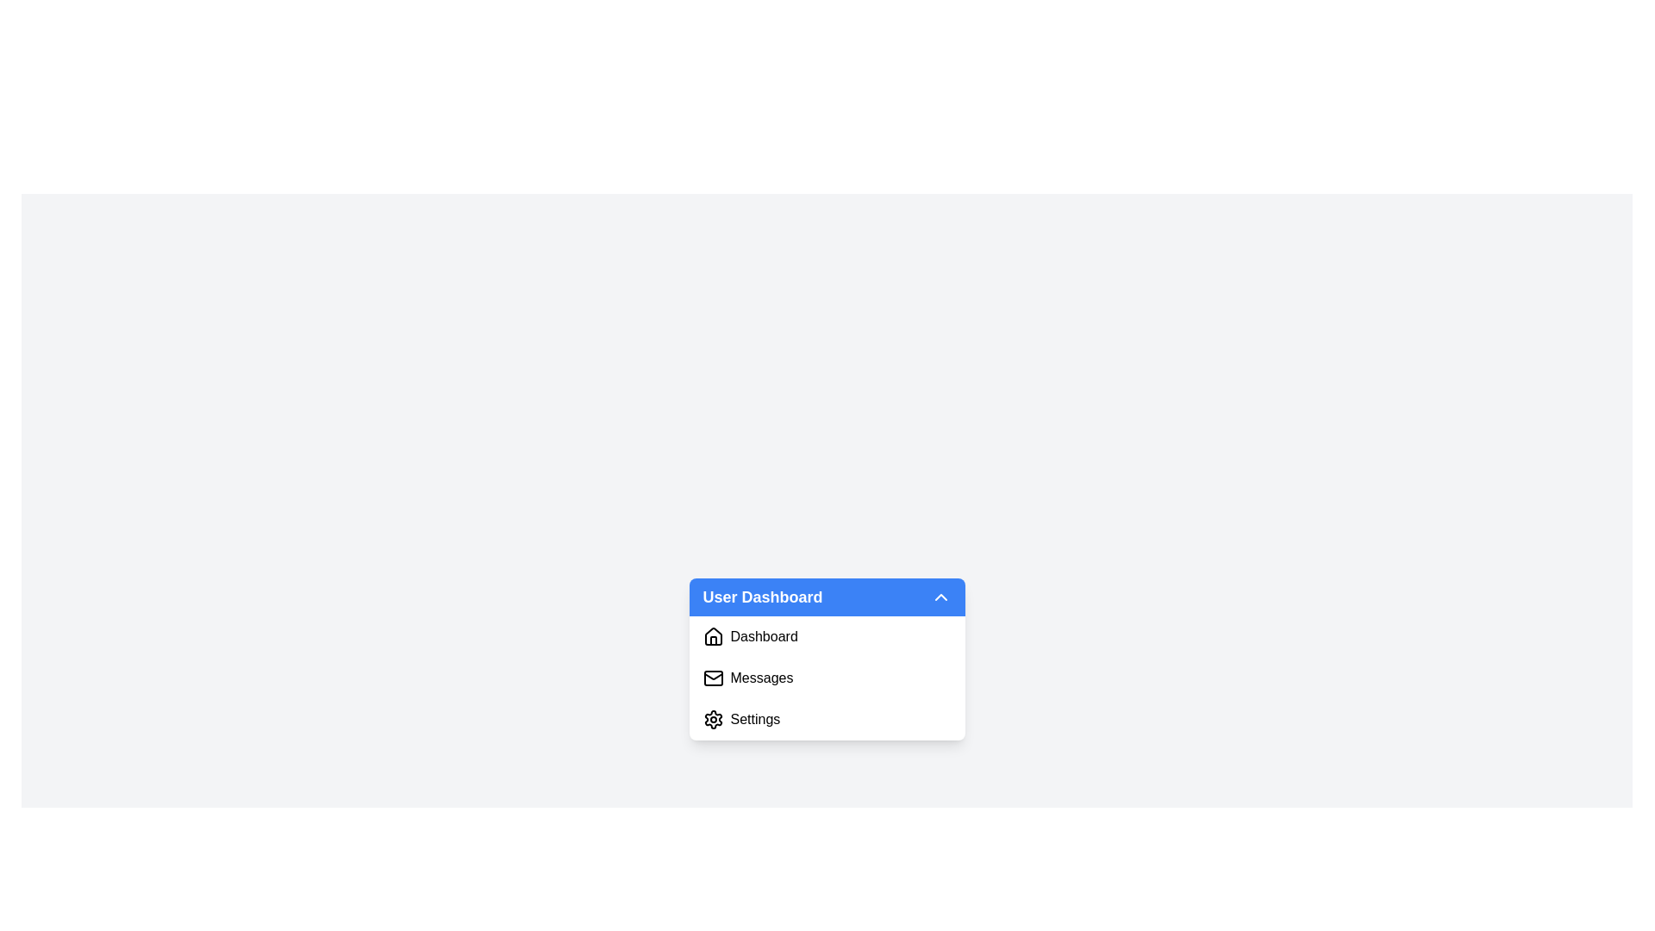 The width and height of the screenshot is (1655, 931). Describe the element at coordinates (713, 677) in the screenshot. I see `the mail icon located to the left of the 'Messages' label in the dropdown menu of the 'User Dashboard'` at that location.